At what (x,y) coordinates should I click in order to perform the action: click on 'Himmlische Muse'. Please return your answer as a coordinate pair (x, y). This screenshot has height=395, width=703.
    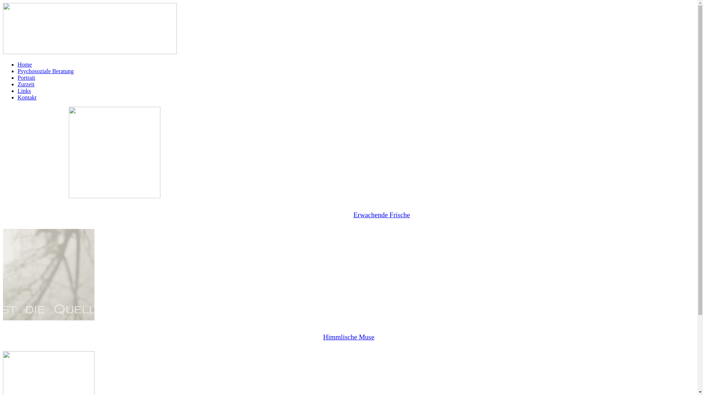
    Looking at the image, I should click on (349, 337).